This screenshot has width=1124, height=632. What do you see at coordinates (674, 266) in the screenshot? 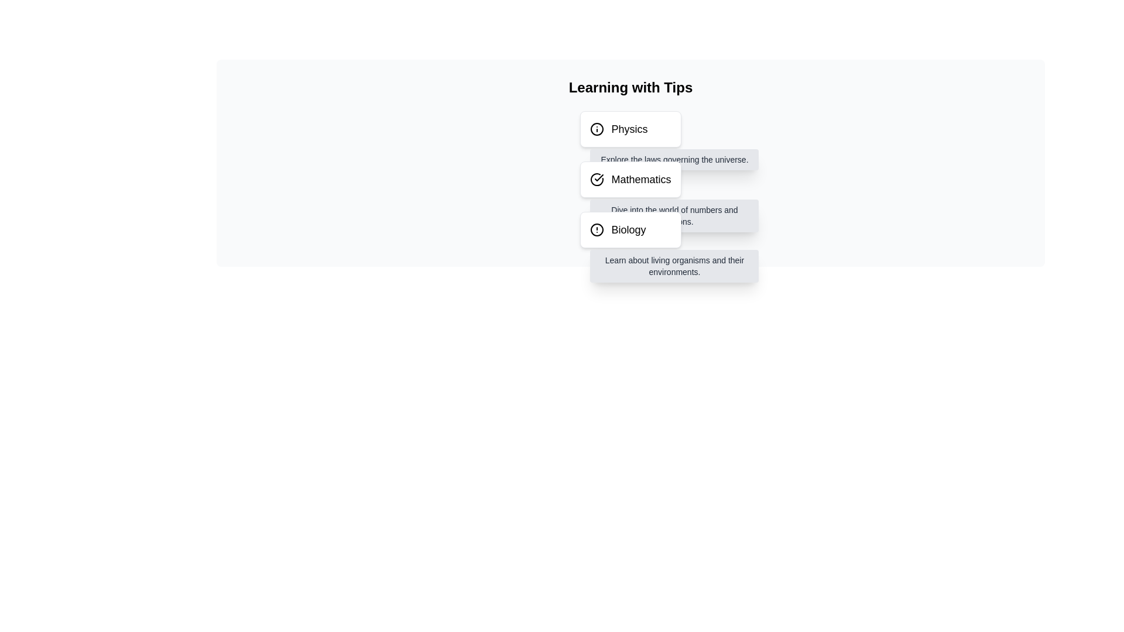
I see `informational text located at the bottom of the dropdown associated with the 'Biology' option` at bounding box center [674, 266].